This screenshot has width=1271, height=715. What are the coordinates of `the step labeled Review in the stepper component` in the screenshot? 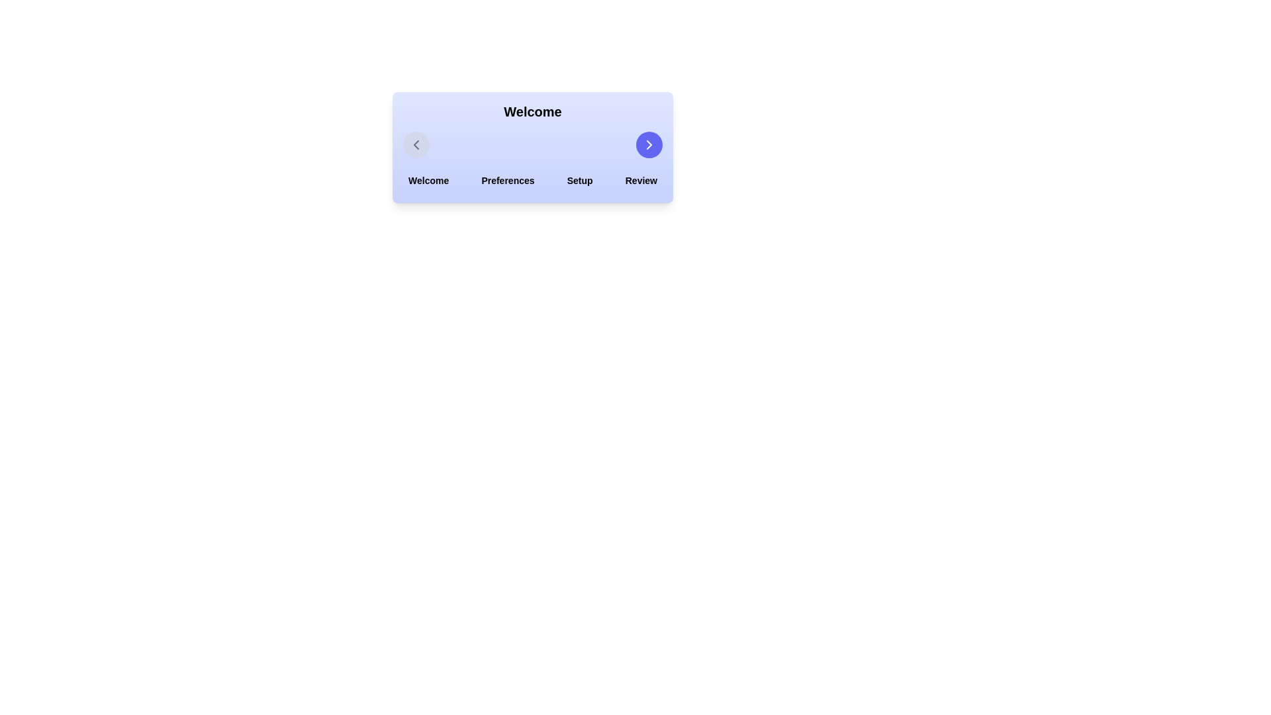 It's located at (641, 181).